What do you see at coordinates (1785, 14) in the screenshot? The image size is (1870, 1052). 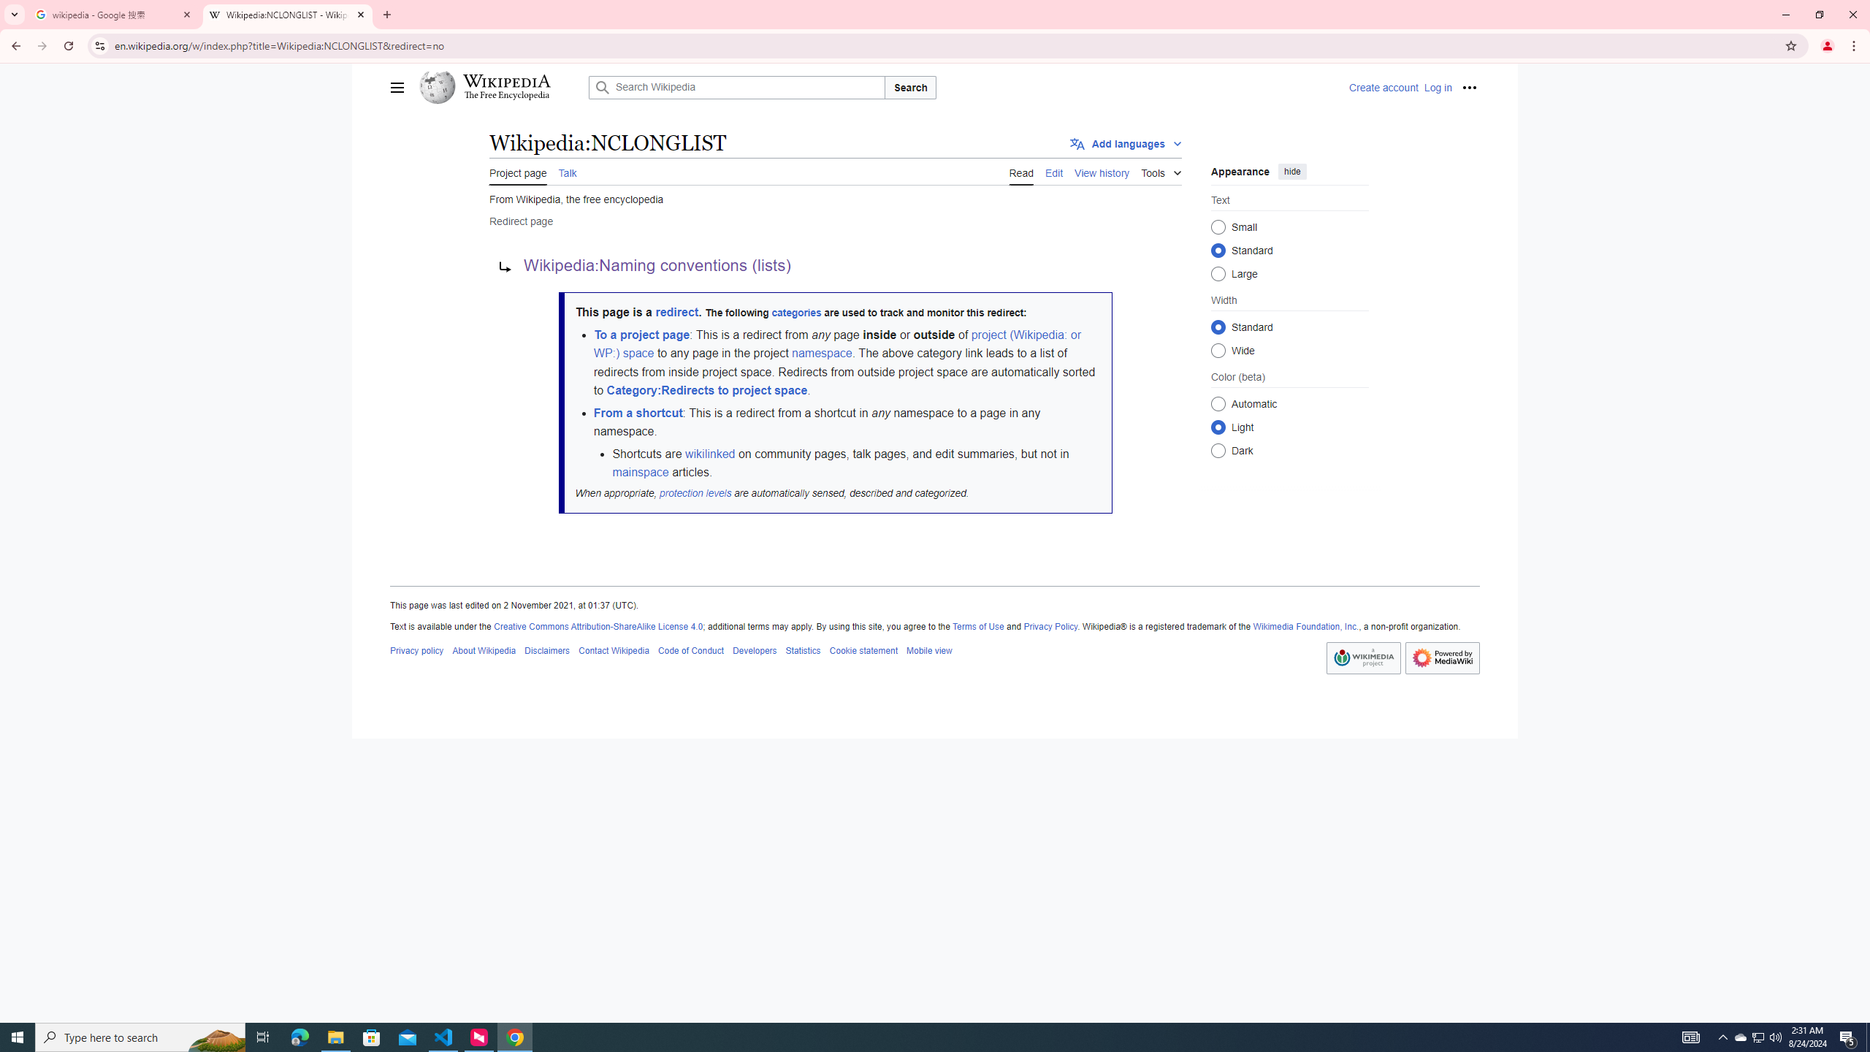 I see `'Minimize'` at bounding box center [1785, 14].